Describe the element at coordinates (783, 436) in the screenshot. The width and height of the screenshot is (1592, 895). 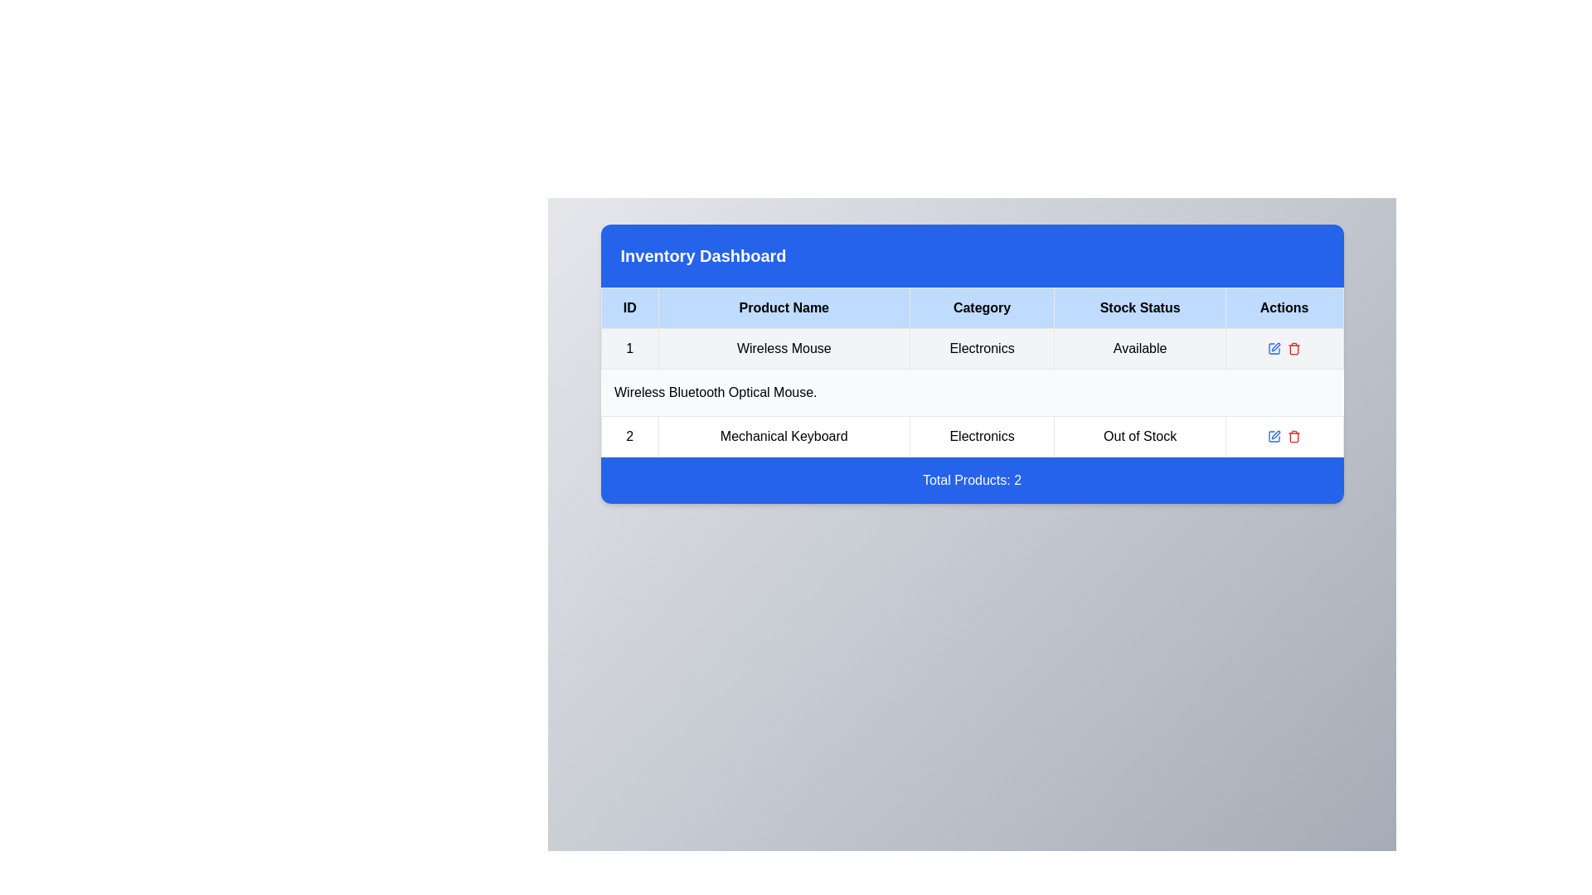
I see `the static text label displaying 'Mechanical Keyboard' within the second row of the table under the 'Product Name' column` at that location.